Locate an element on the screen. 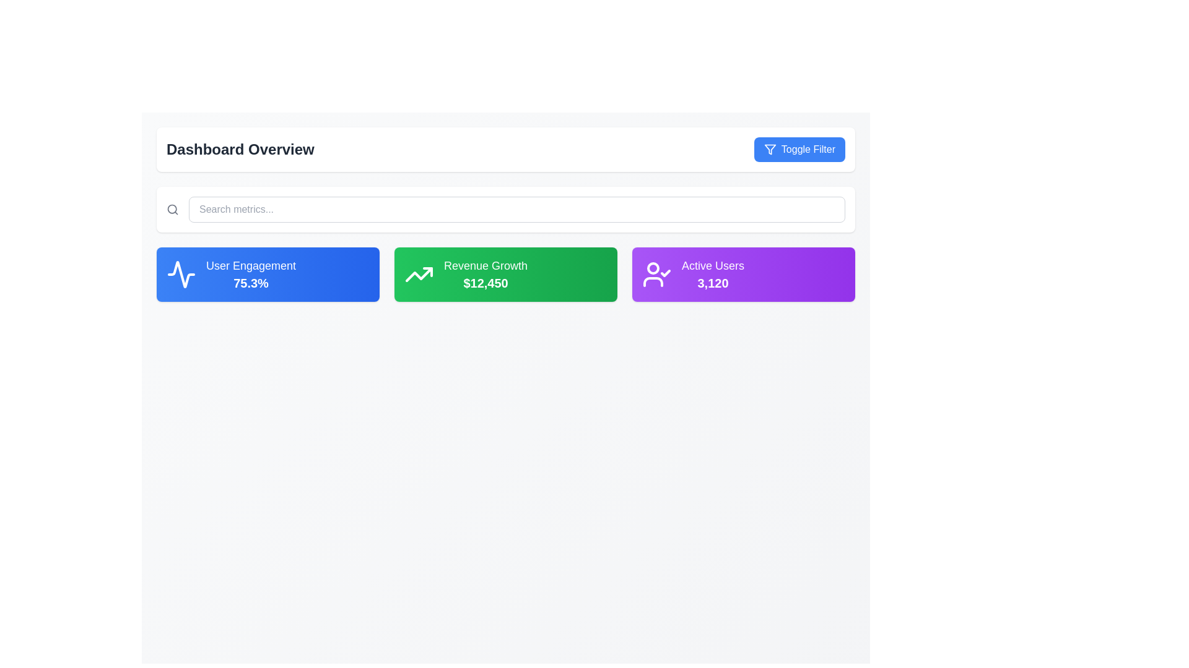 The height and width of the screenshot is (668, 1189). the 'User Engagement' text label, which is prominently displayed in a larger, bold font on a blue card is located at coordinates (250, 265).